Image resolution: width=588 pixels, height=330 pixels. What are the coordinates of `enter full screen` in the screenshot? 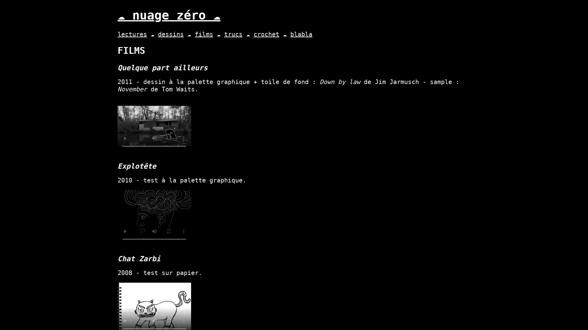 It's located at (169, 138).